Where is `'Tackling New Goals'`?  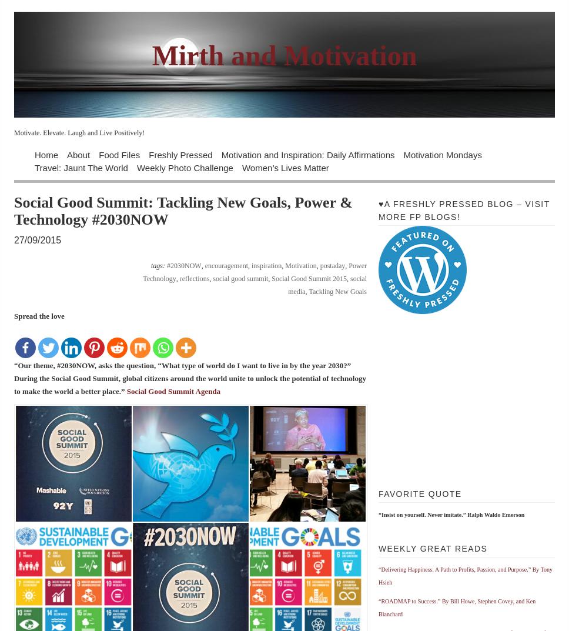 'Tackling New Goals' is located at coordinates (337, 291).